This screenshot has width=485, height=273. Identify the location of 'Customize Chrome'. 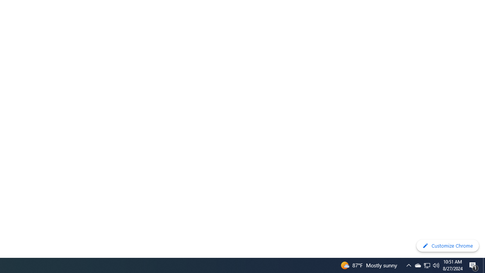
(447, 246).